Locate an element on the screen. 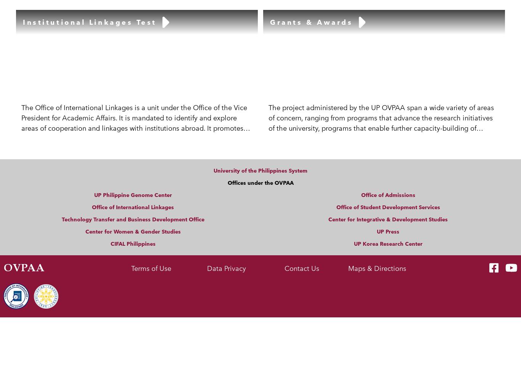  'Contact Us' is located at coordinates (284, 268).